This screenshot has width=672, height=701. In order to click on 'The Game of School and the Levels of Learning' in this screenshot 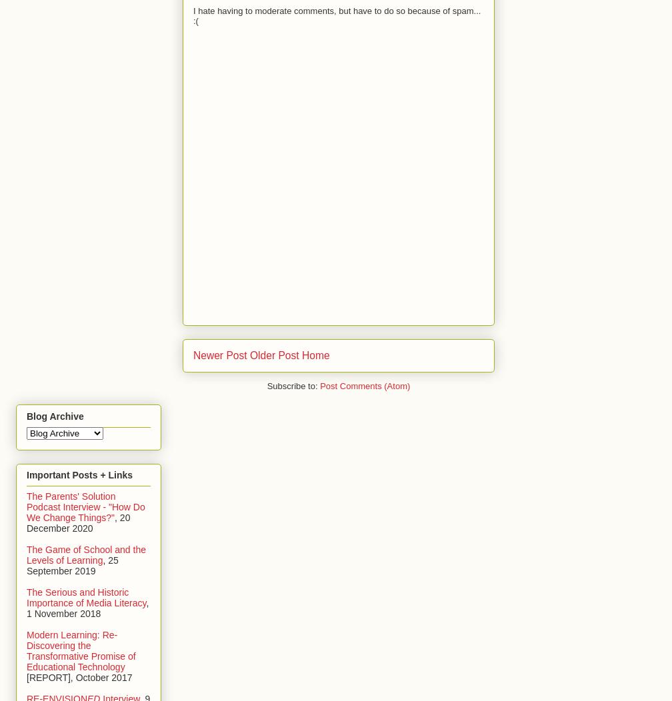, I will do `click(27, 554)`.